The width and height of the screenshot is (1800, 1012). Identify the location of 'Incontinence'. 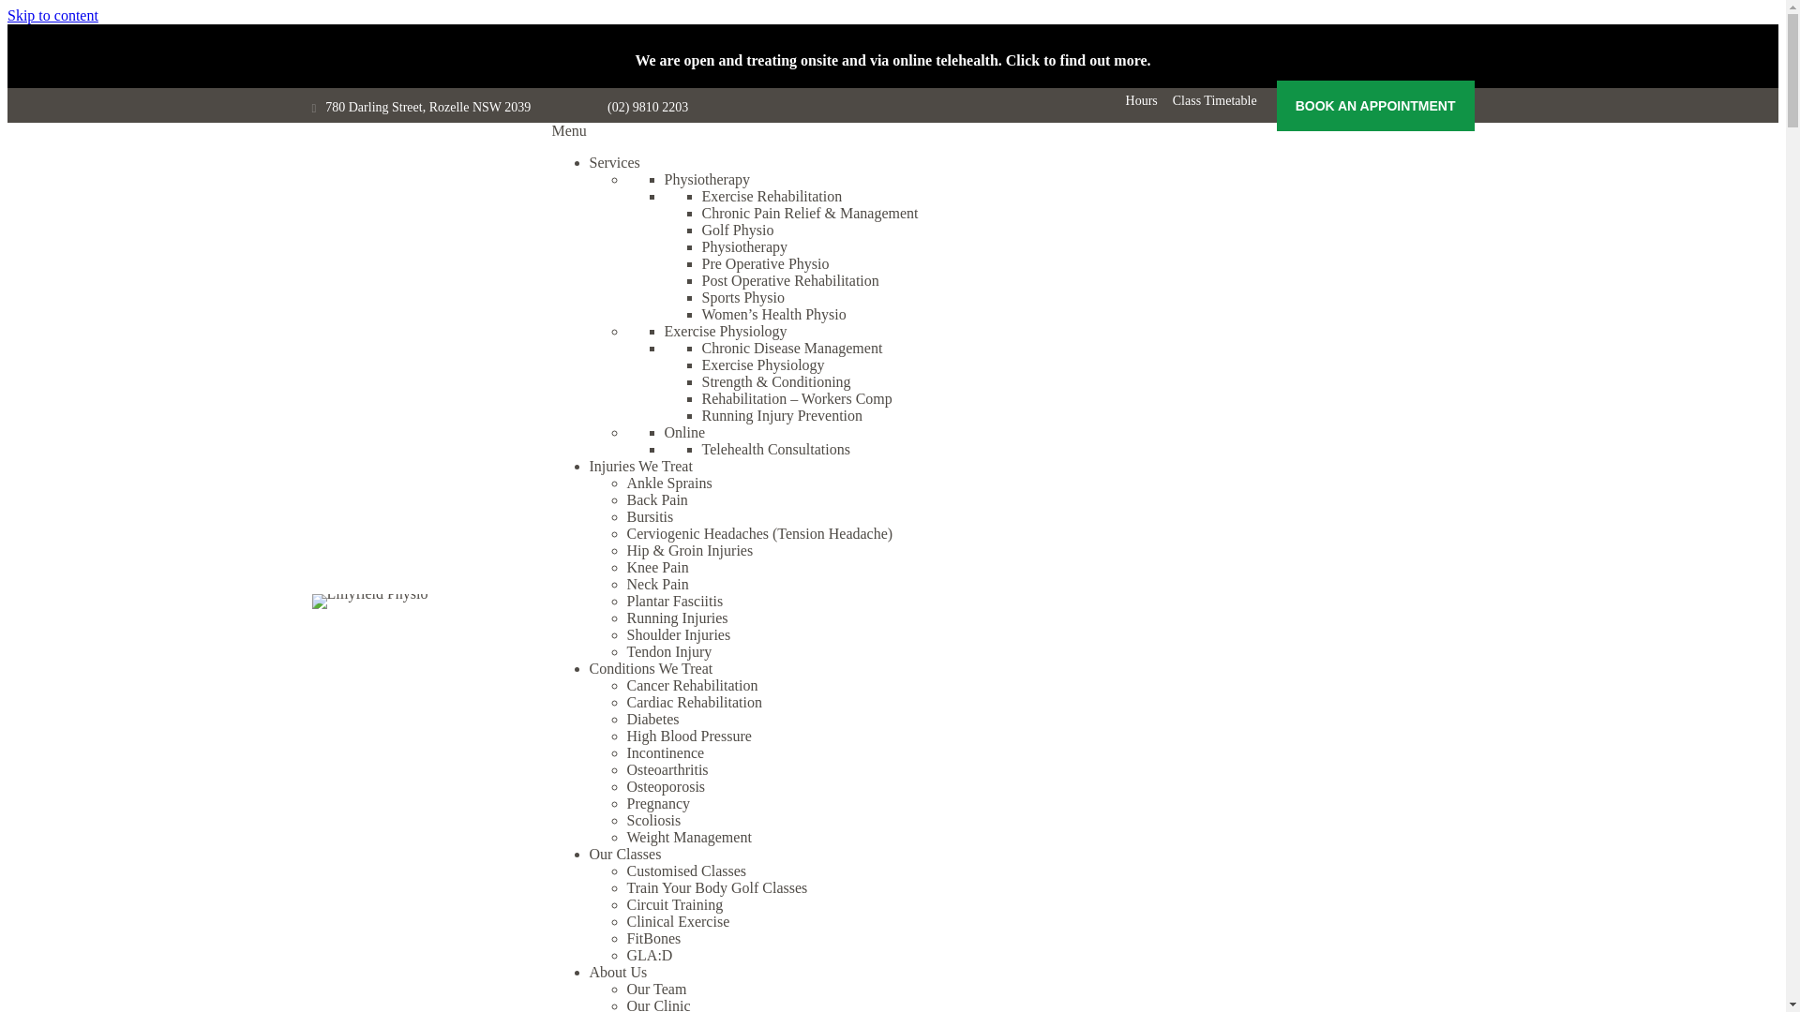
(665, 752).